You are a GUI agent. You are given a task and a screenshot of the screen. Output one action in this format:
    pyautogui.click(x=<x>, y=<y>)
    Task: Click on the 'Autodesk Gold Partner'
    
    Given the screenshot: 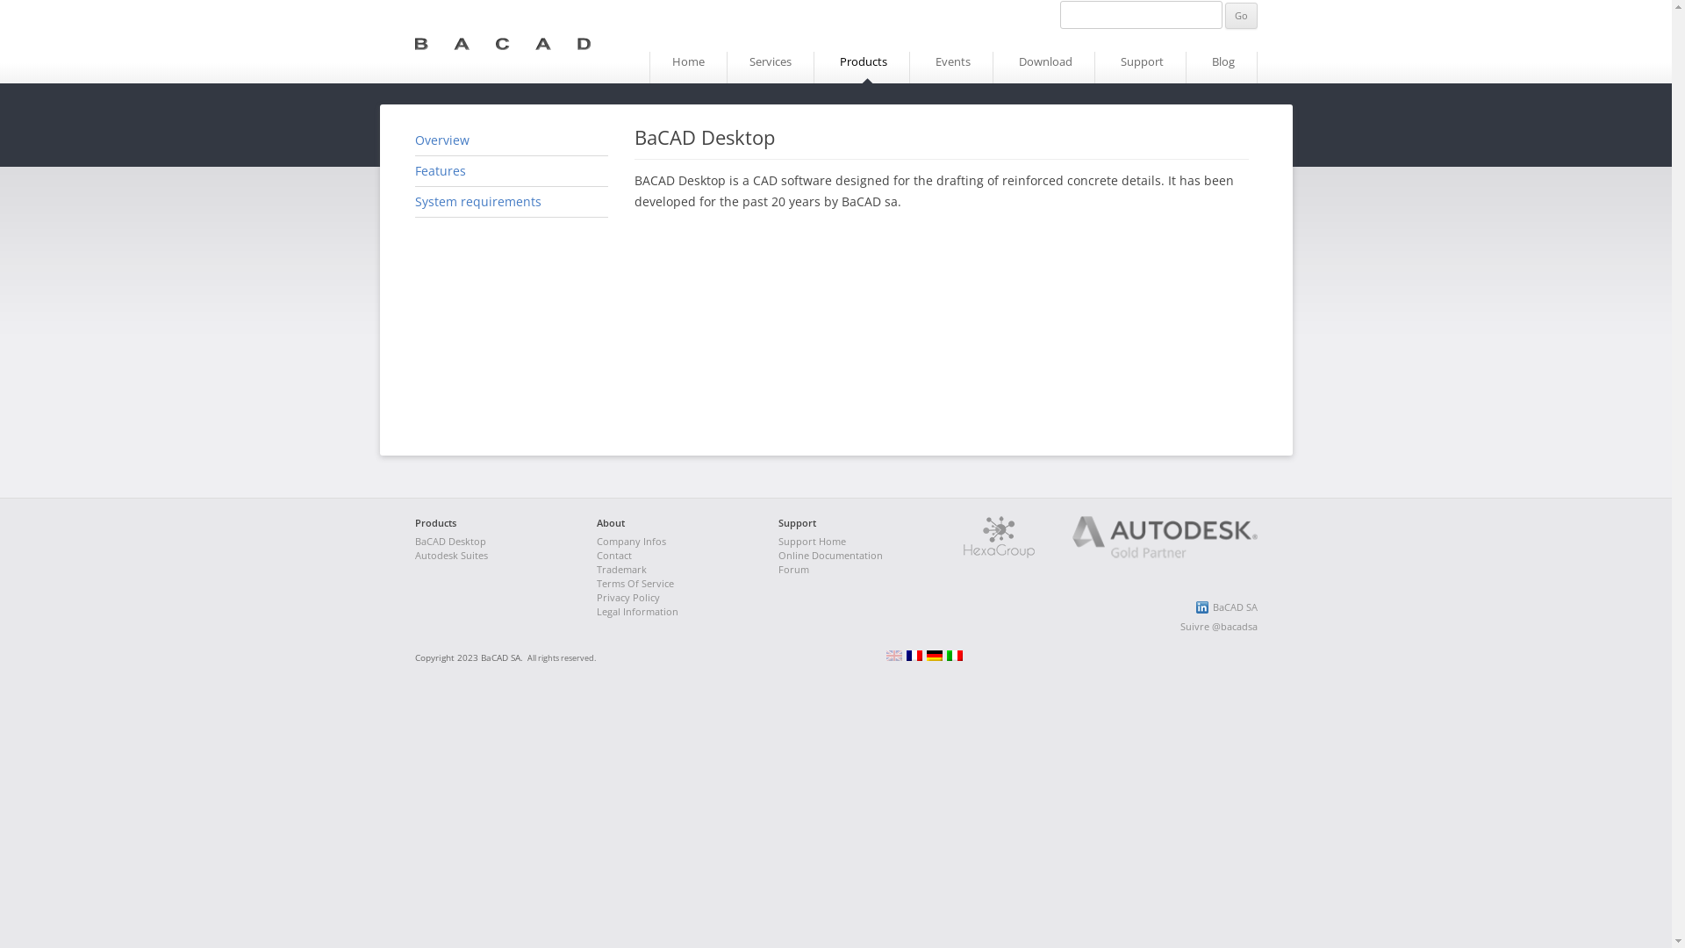 What is the action you would take?
    pyautogui.click(x=1146, y=554)
    